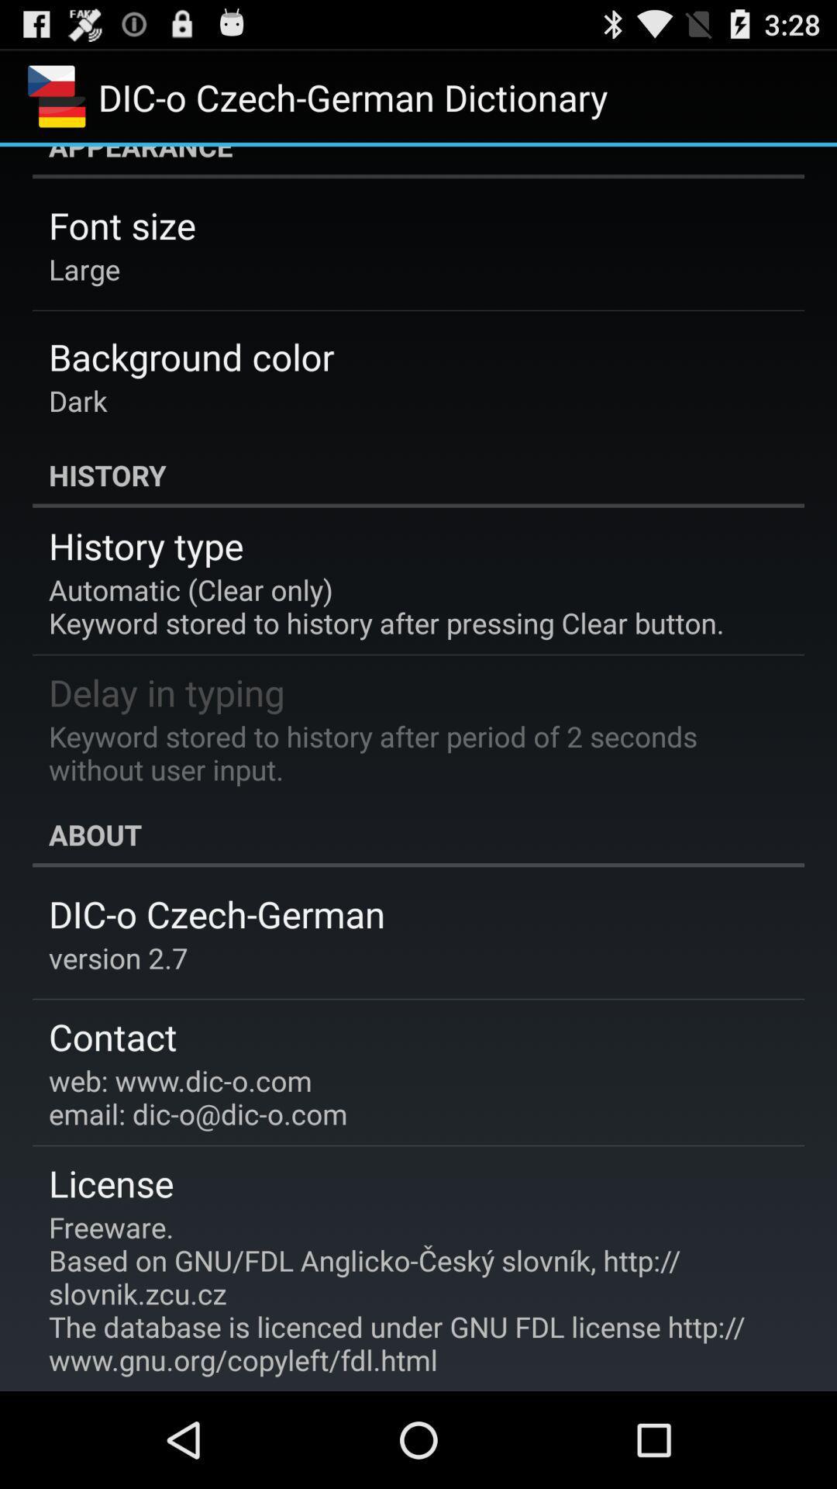 The width and height of the screenshot is (837, 1489). Describe the element at coordinates (77, 400) in the screenshot. I see `the icon below the background color icon` at that location.